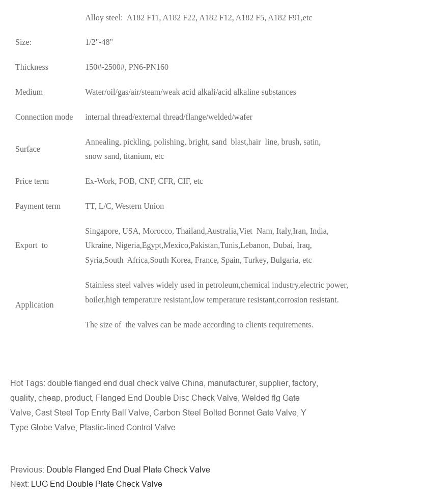 Image resolution: width=424 pixels, height=500 pixels. What do you see at coordinates (85, 259) in the screenshot?
I see `'Syria,South  Africa,South Korea, France, Spain, Turkey, Bulgaria, etc'` at bounding box center [85, 259].